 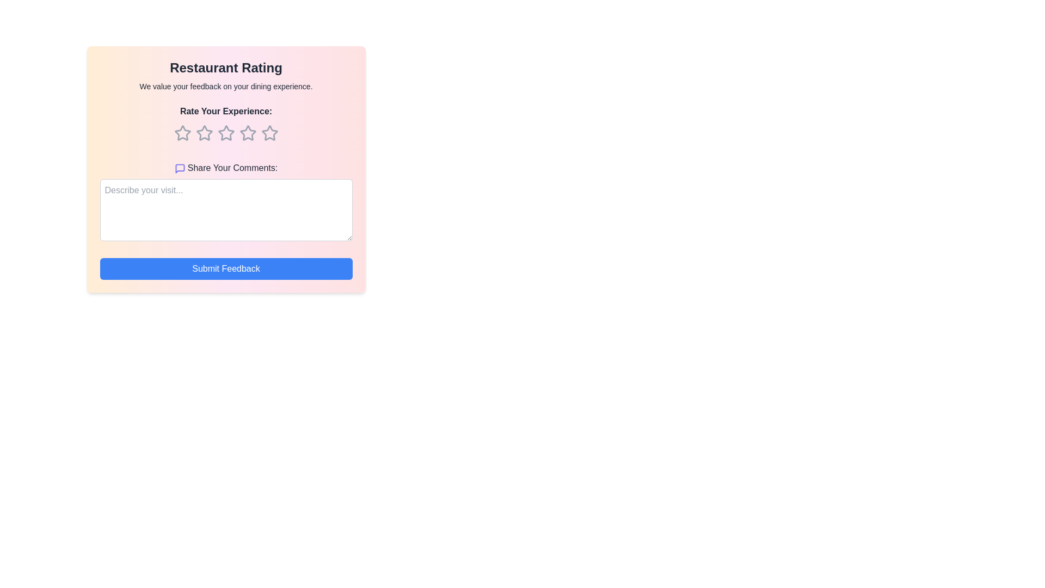 What do you see at coordinates (182, 133) in the screenshot?
I see `the first star icon in the rating system located under the 'Rate Your Experience:' label in the feedback form titled 'Restaurant Rating'` at bounding box center [182, 133].